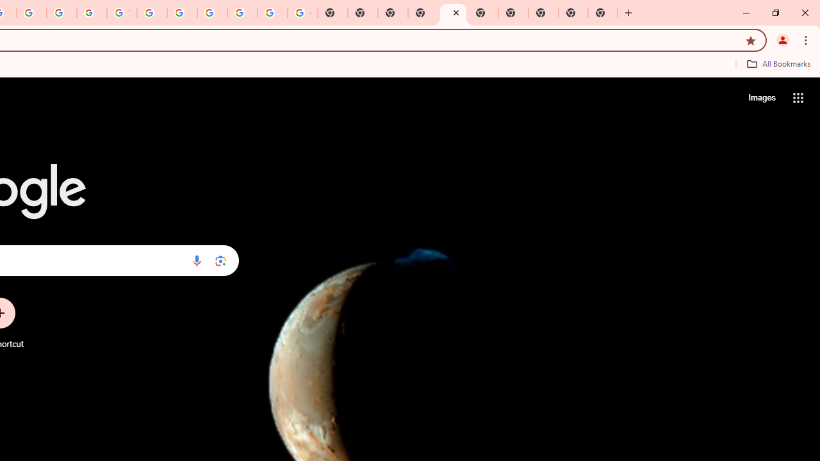  What do you see at coordinates (778, 63) in the screenshot?
I see `'All Bookmarks'` at bounding box center [778, 63].